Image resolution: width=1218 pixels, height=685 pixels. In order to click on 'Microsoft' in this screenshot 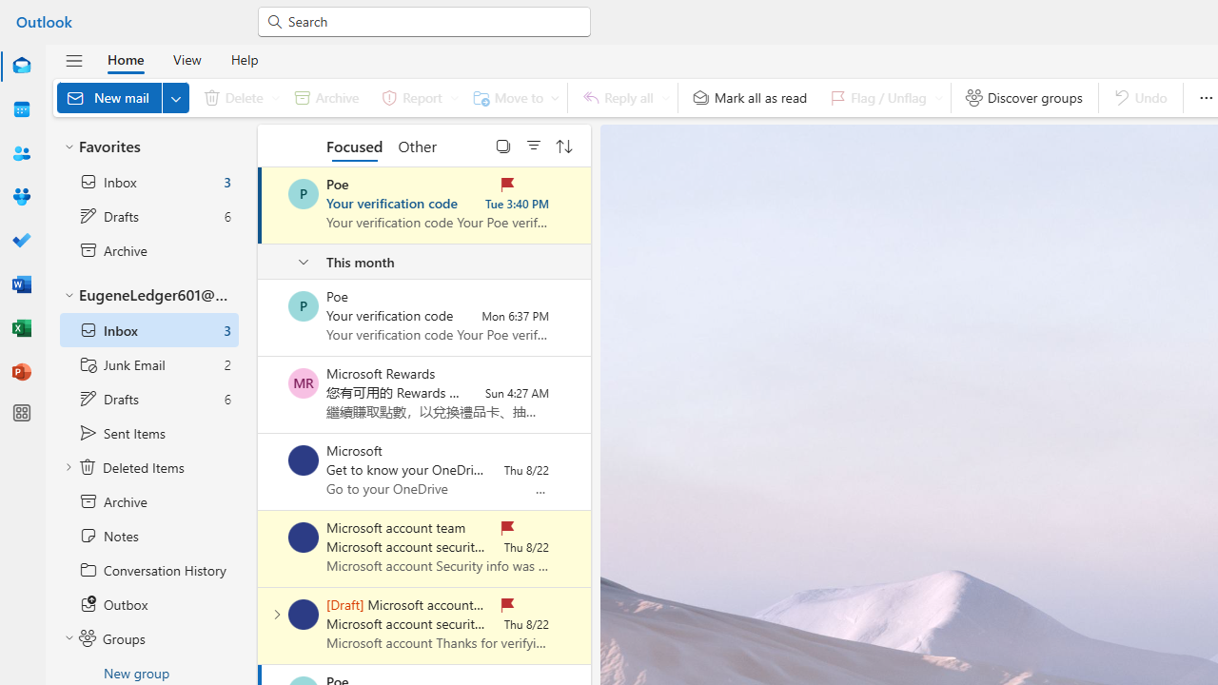, I will do `click(303, 460)`.